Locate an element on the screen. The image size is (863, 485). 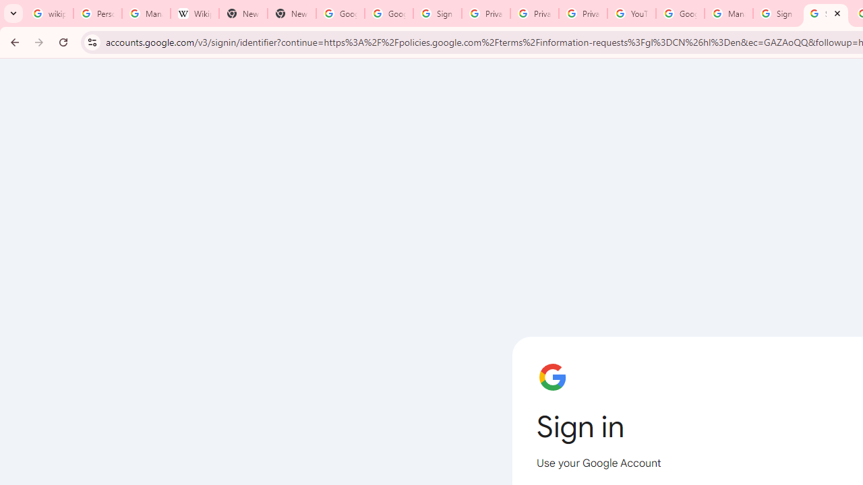
'New Tab' is located at coordinates (243, 13).